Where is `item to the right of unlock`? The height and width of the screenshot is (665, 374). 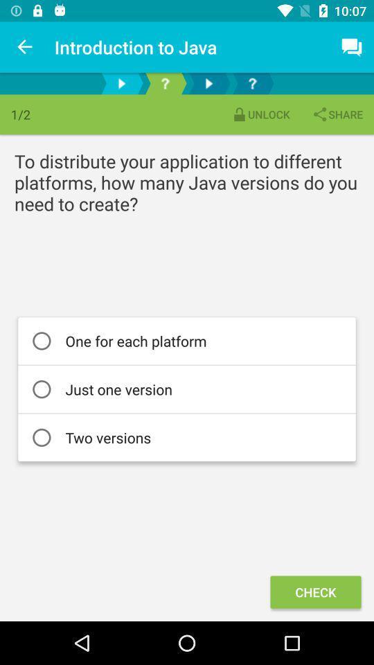
item to the right of unlock is located at coordinates (337, 114).